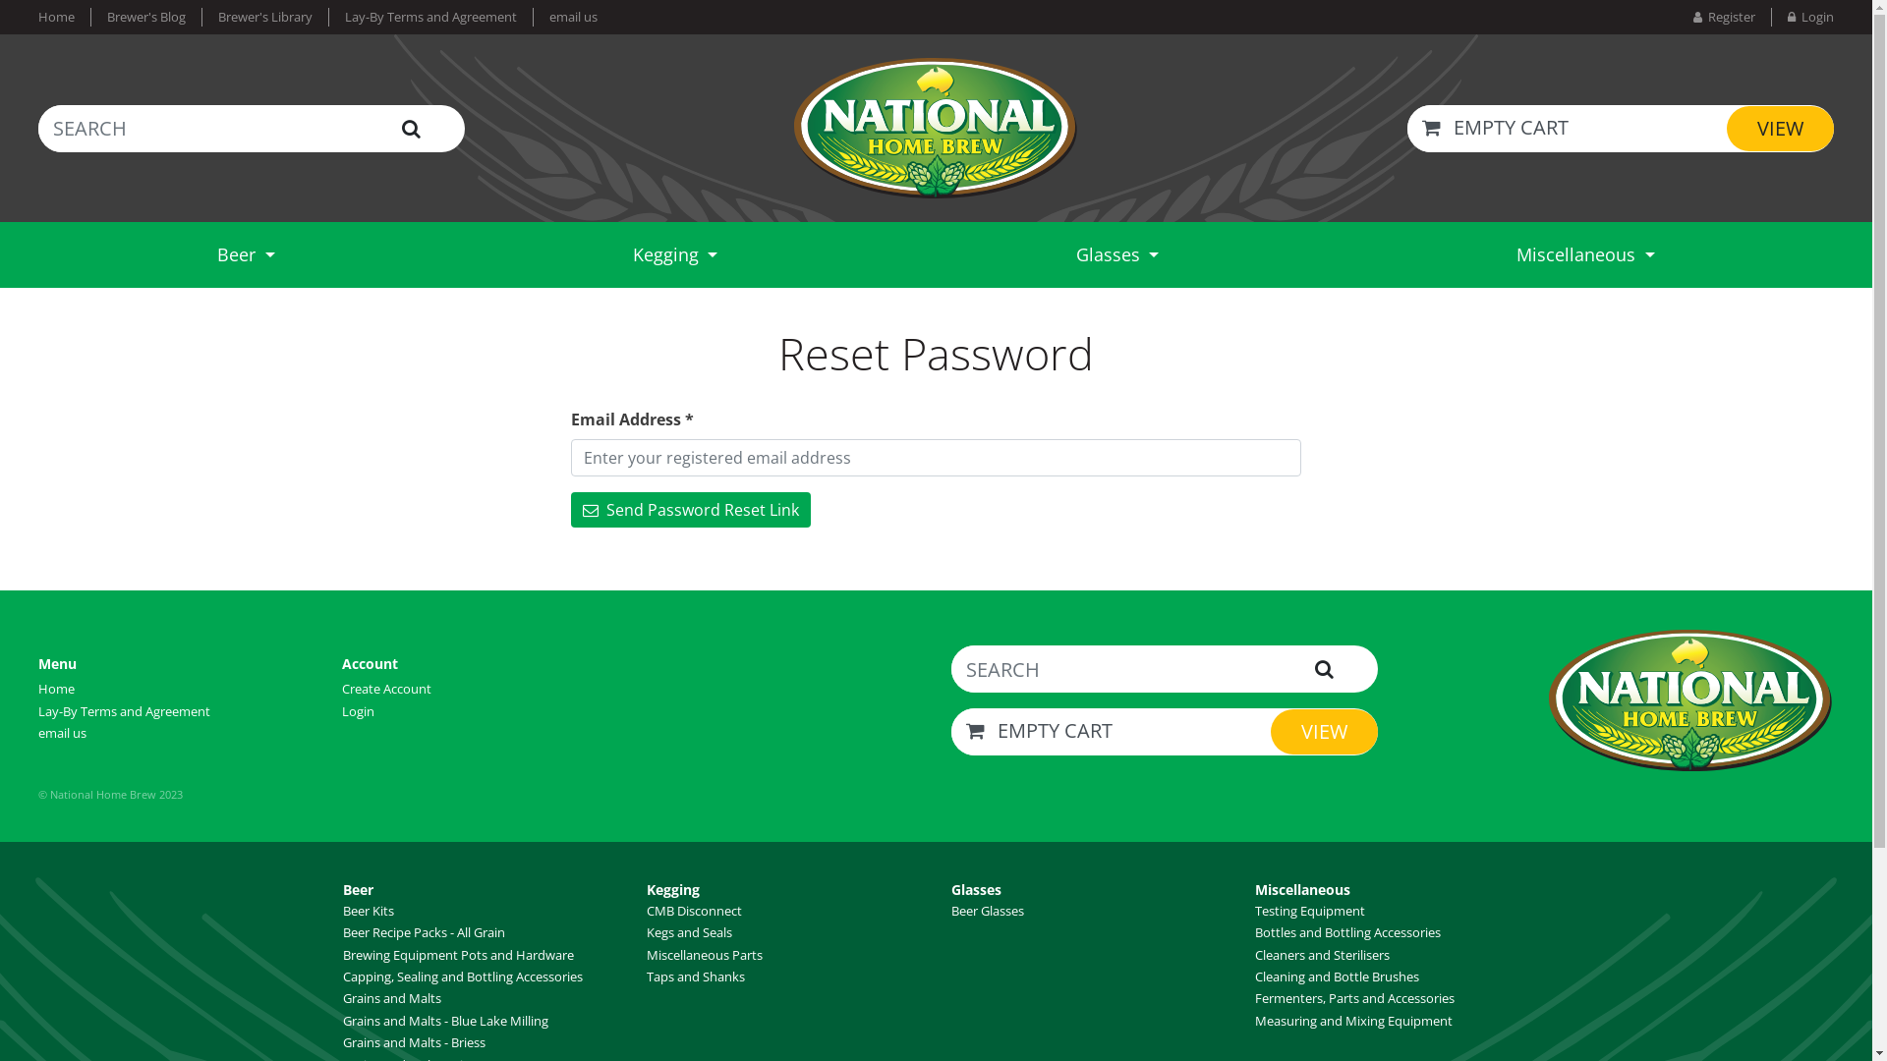 The width and height of the screenshot is (1887, 1061). I want to click on 'Glasses', so click(976, 889).